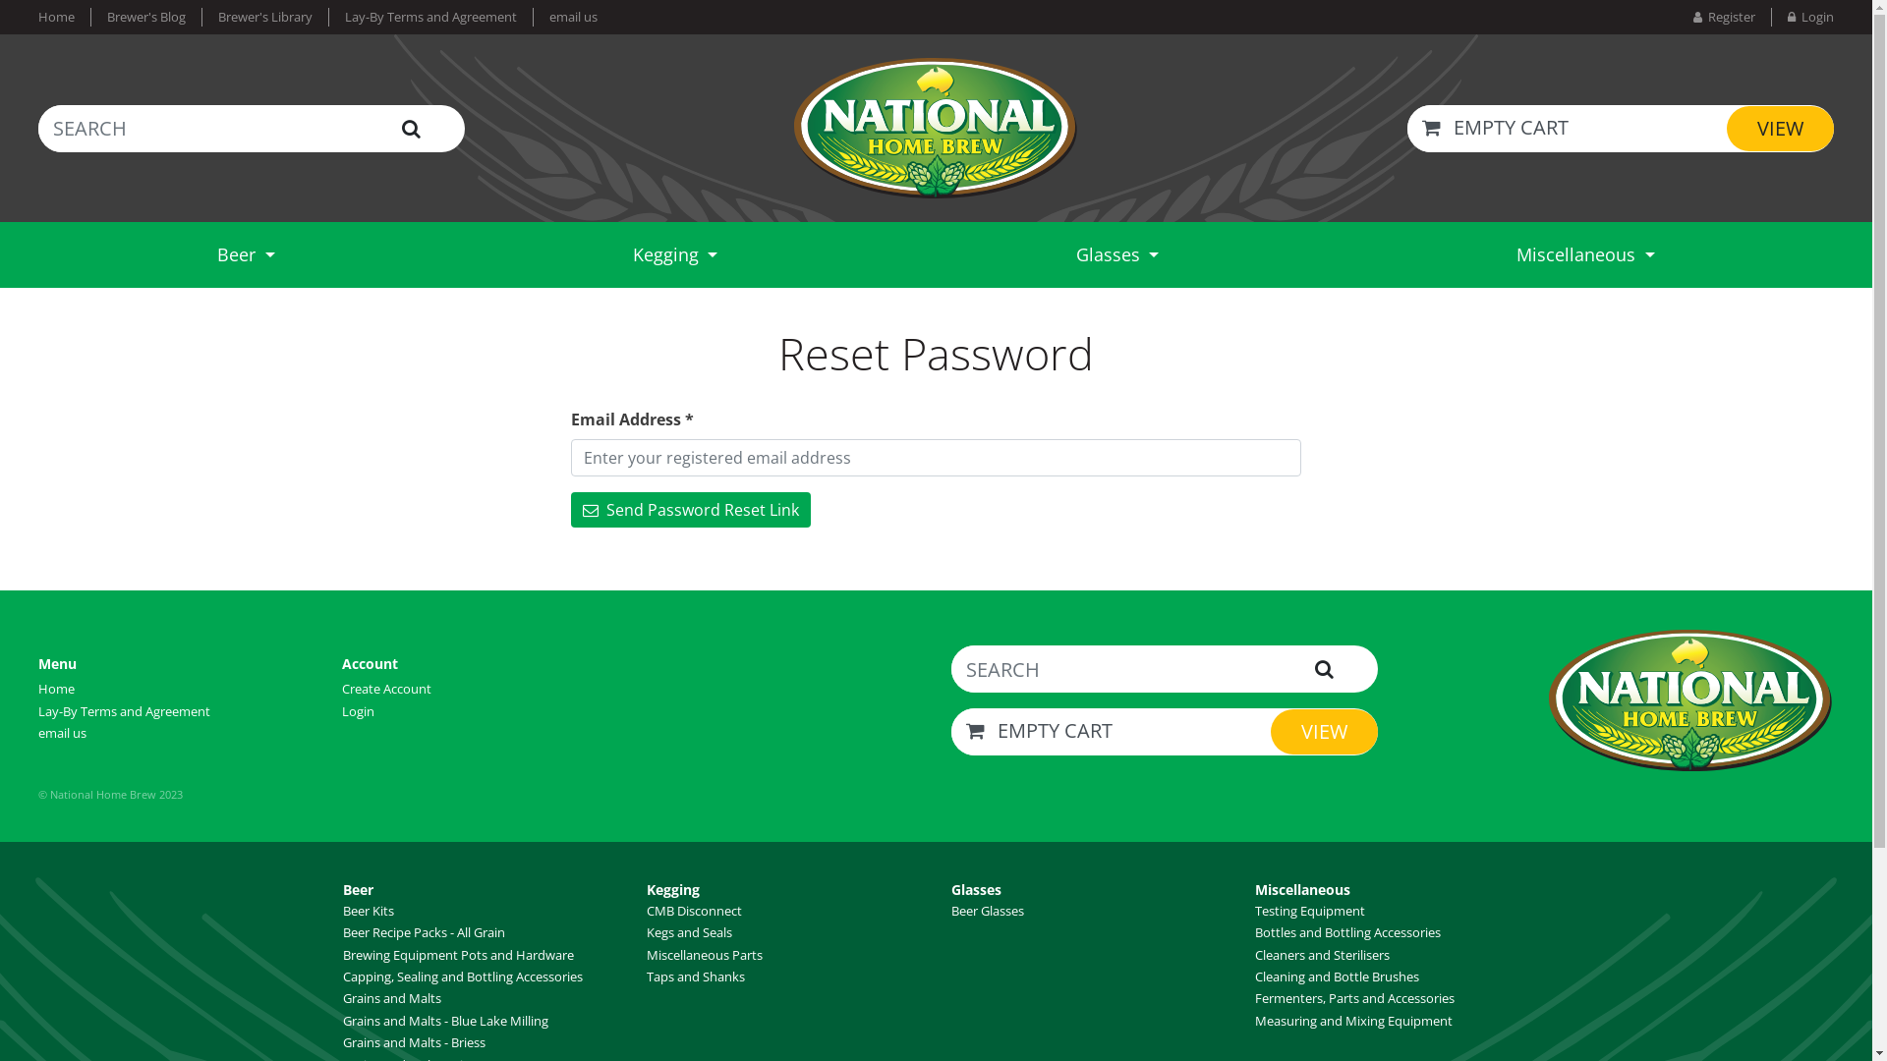 The width and height of the screenshot is (1887, 1061). I want to click on 'Glasses', so click(976, 889).